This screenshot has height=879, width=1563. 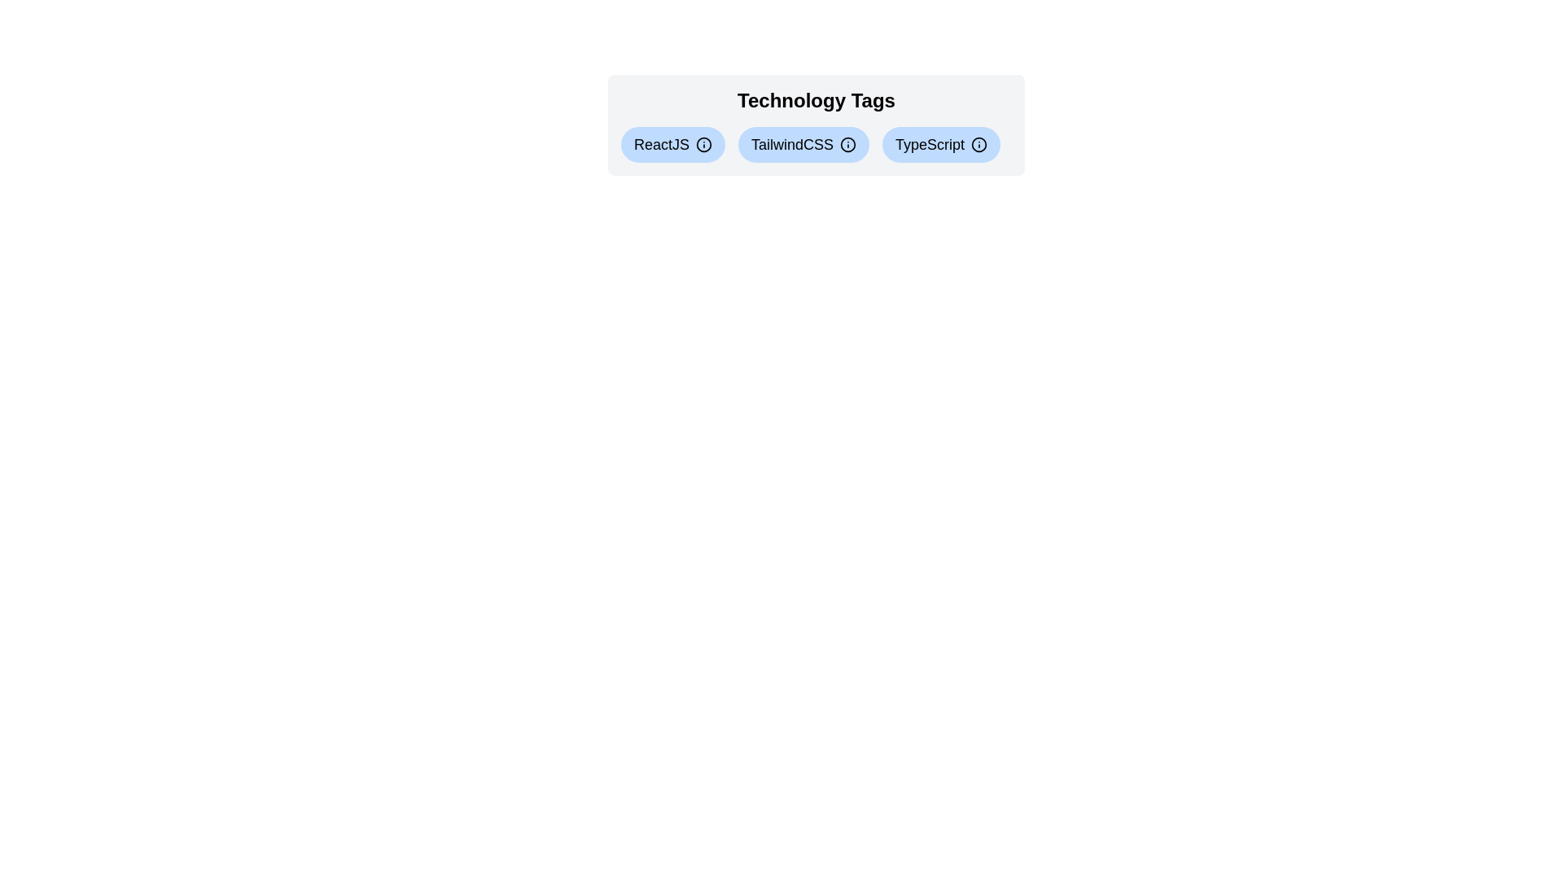 I want to click on the tag labeled ReactJS, so click(x=672, y=143).